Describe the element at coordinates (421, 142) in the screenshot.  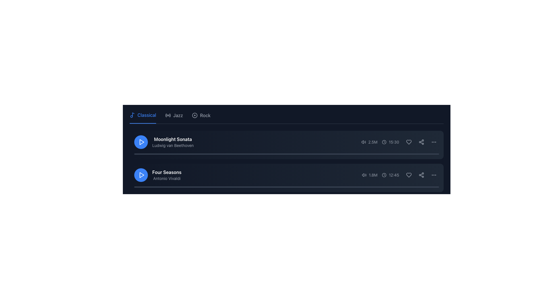
I see `the share icon button, which resembles a triangular arrangement with three nodes, located at the end of the actions row for the 'Moonlight Sonata' music item` at that location.